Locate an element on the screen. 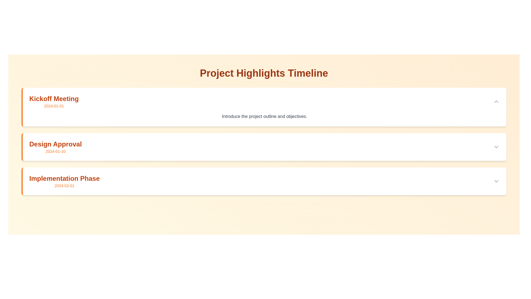 The height and width of the screenshot is (299, 531). text displayed in the title of the first card, located at the top-left corner of the card, just above the date '2024-01-01' is located at coordinates (54, 99).